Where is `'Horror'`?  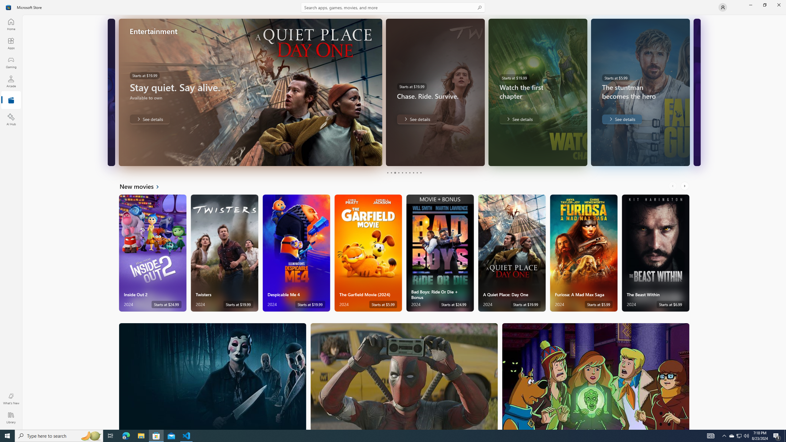 'Horror' is located at coordinates (212, 376).